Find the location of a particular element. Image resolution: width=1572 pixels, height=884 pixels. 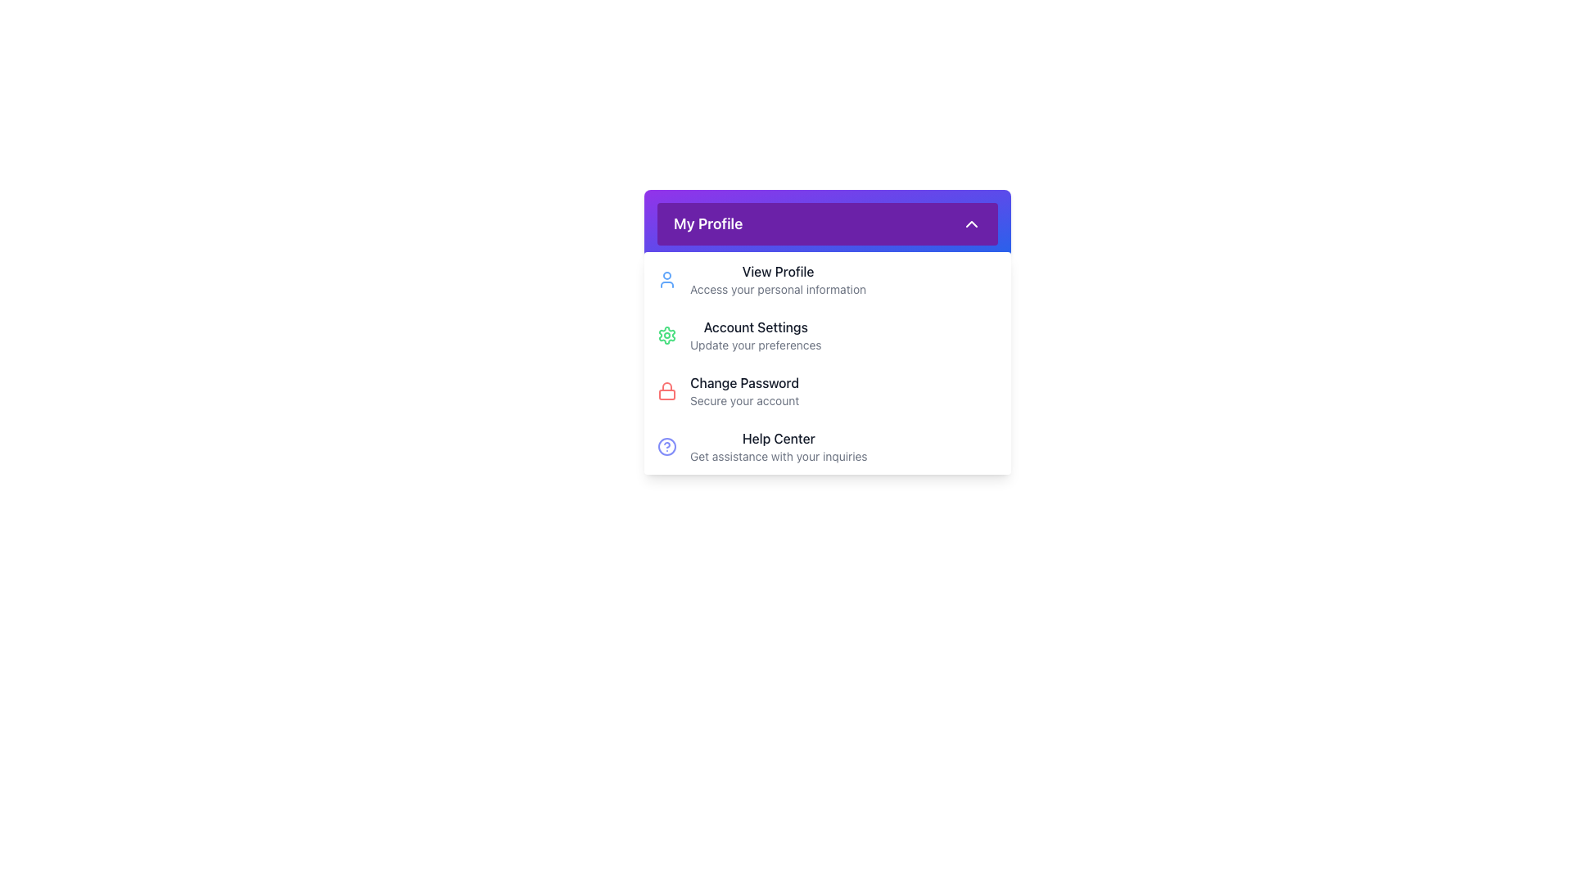

an option in the profile management dropdown menu located below the 'My Profile' section is located at coordinates (828, 362).